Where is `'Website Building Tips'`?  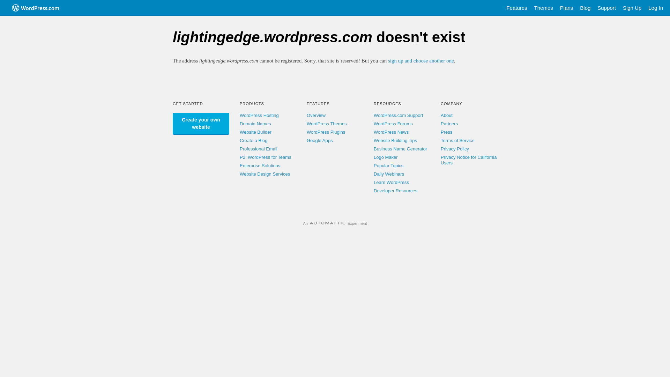
'Website Building Tips' is located at coordinates (395, 140).